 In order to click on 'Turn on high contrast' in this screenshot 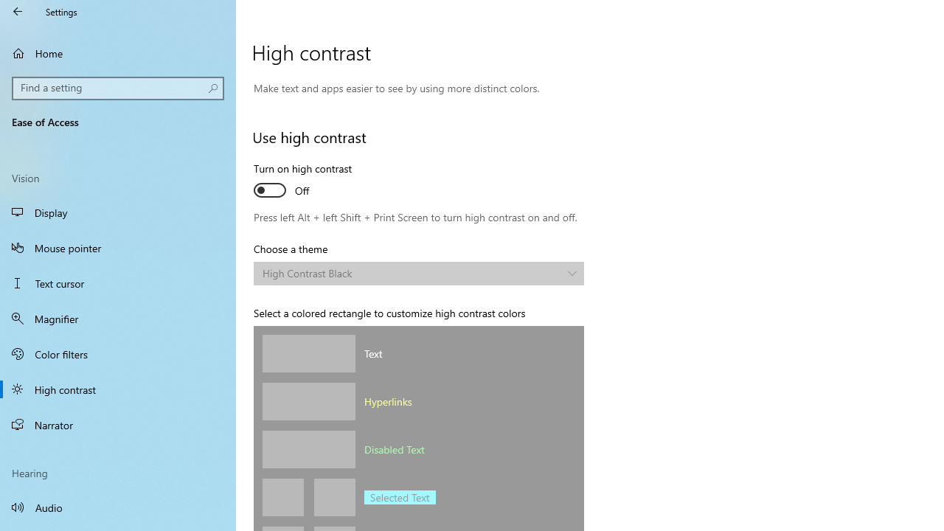, I will do `click(307, 181)`.